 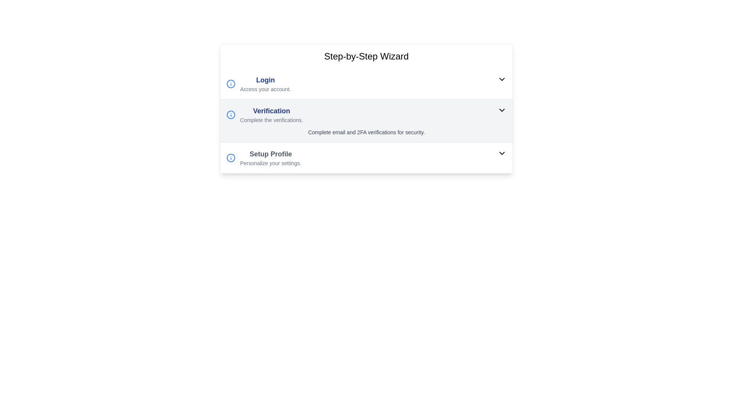 I want to click on the circular blue icon with an 'i' symbol representing information, which is the leftmost object in the step-by-step wizard interface, located at the second row before the text 'Verification', so click(x=230, y=114).